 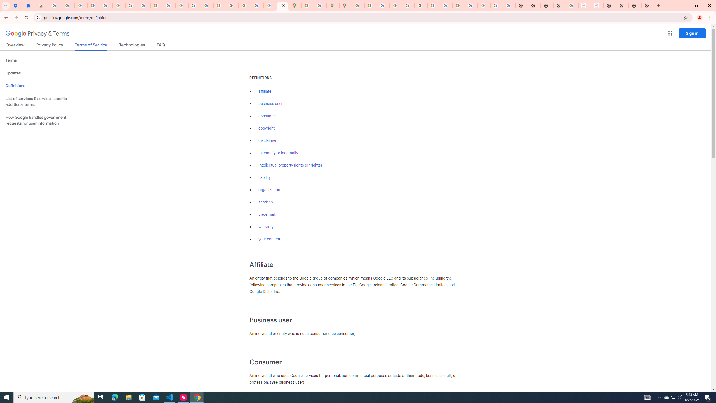 What do you see at coordinates (119, 5) in the screenshot?
I see `'Sign in - Google Accounts'` at bounding box center [119, 5].